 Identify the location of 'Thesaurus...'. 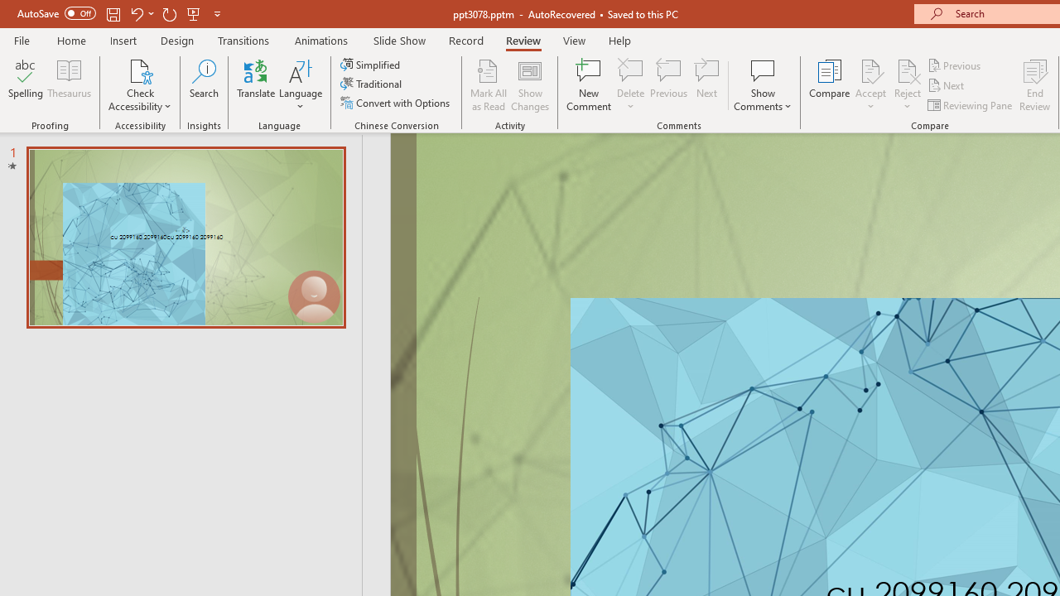
(68, 85).